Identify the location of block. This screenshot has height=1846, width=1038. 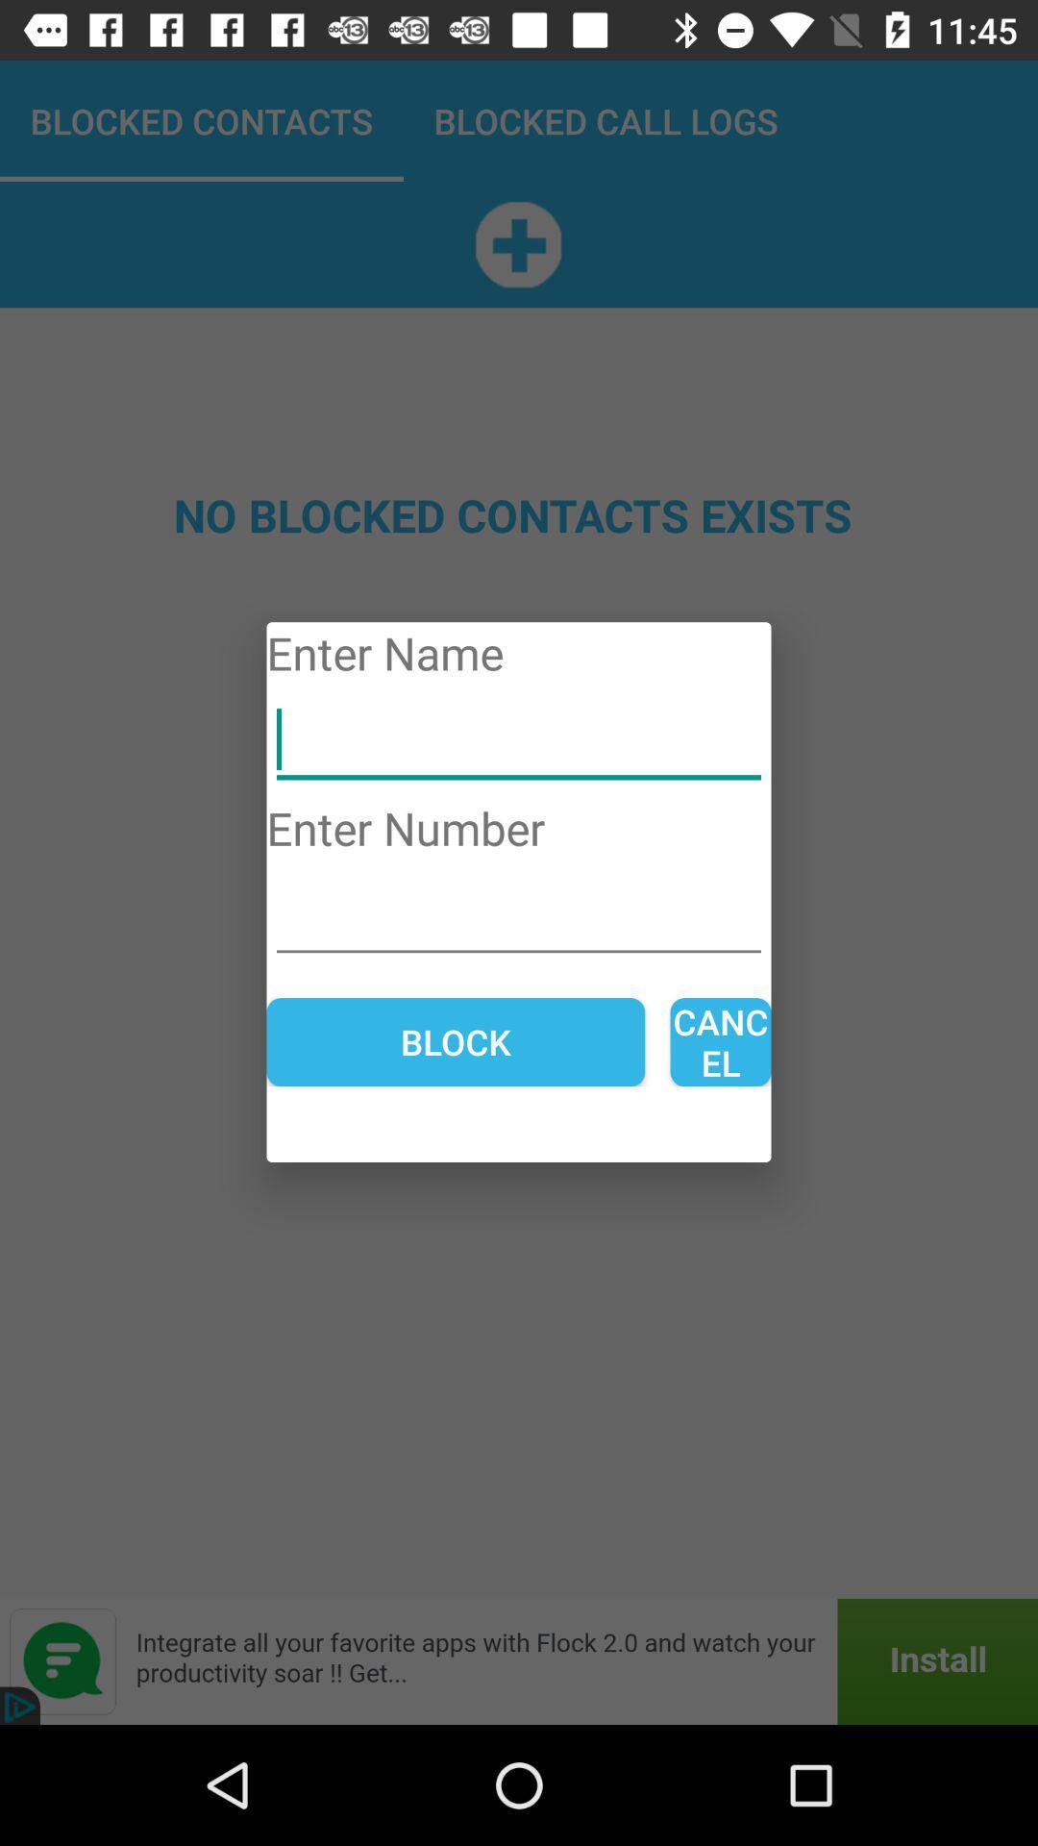
(456, 1041).